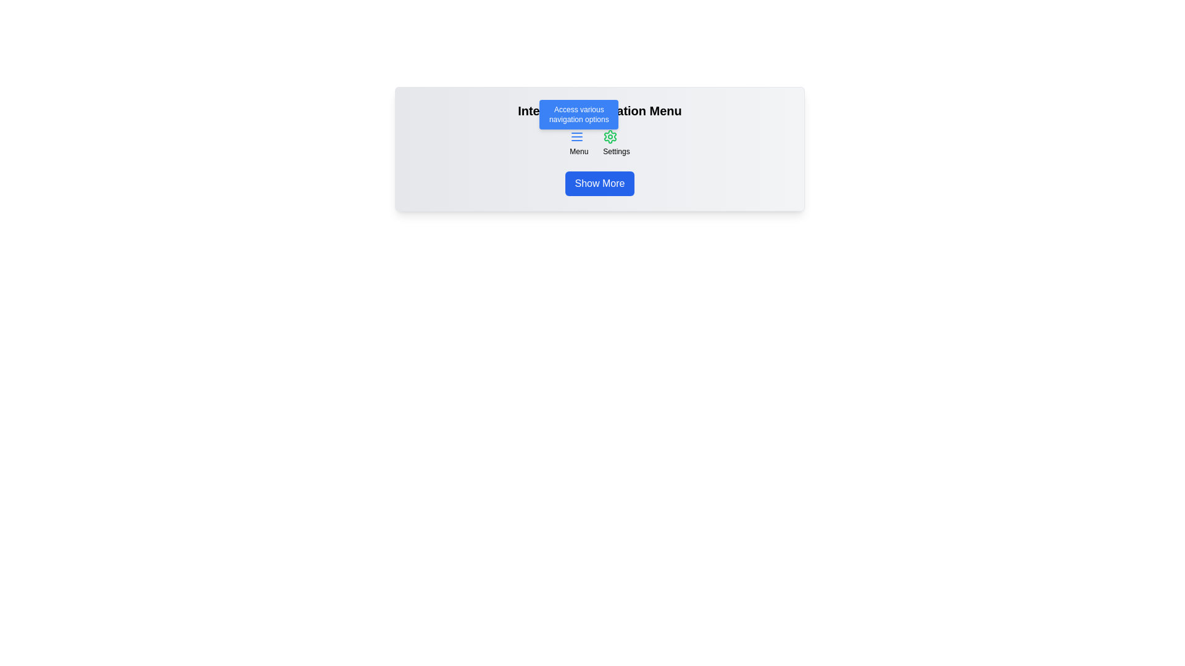 The image size is (1185, 666). I want to click on the 'Settings' button in the navigation menu to visualize related tooltips or effects, so click(616, 142).